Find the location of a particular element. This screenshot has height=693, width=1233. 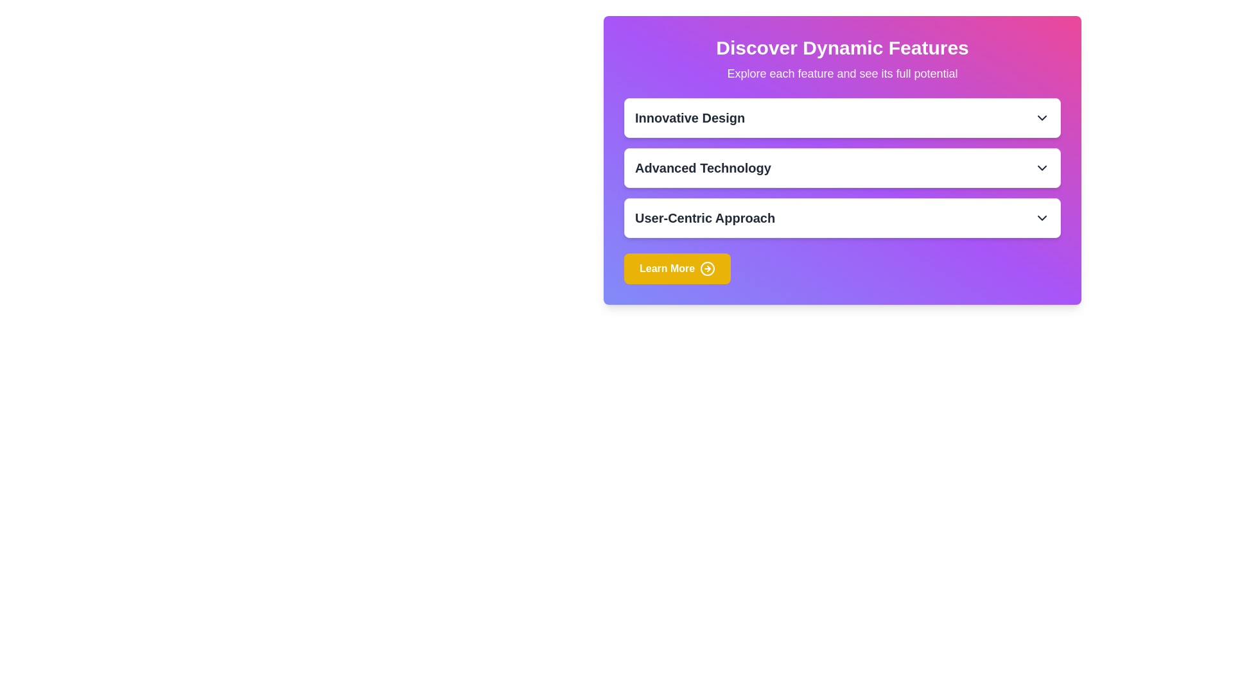

the selectable list item for 'Advanced Technology' is located at coordinates (842, 167).